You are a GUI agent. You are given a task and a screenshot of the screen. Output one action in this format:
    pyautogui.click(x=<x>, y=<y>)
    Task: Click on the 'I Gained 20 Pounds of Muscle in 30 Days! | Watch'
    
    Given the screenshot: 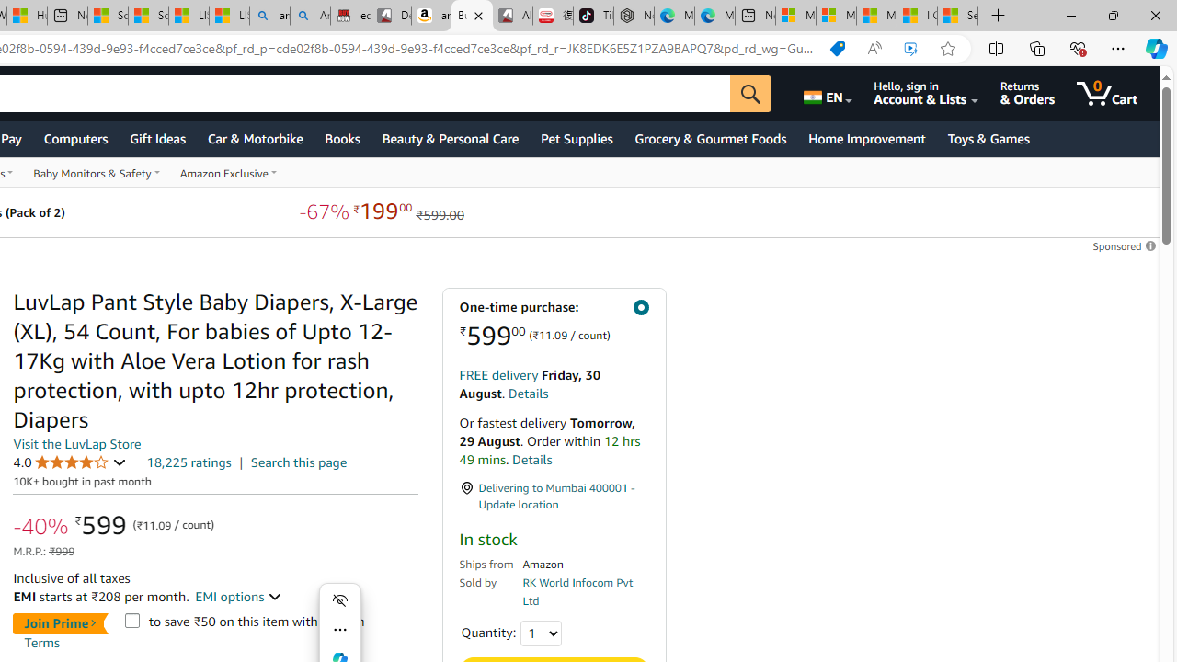 What is the action you would take?
    pyautogui.click(x=917, y=16)
    